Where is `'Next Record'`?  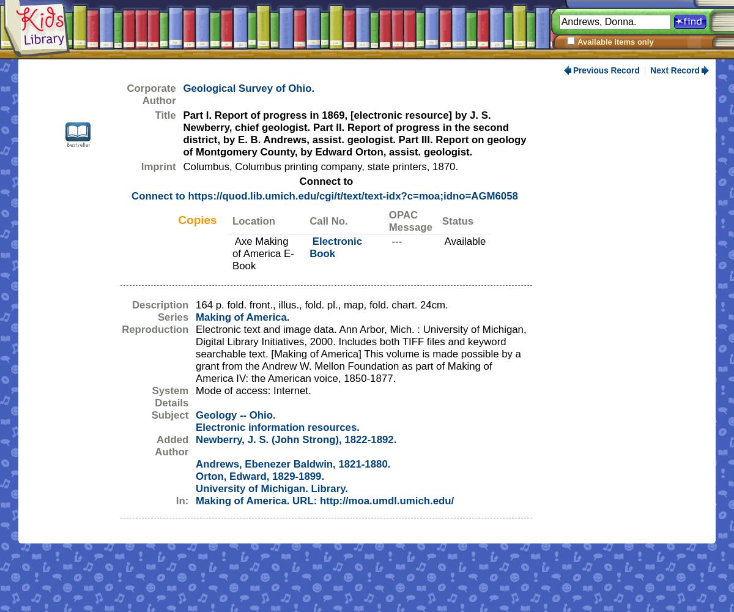 'Next Record' is located at coordinates (649, 70).